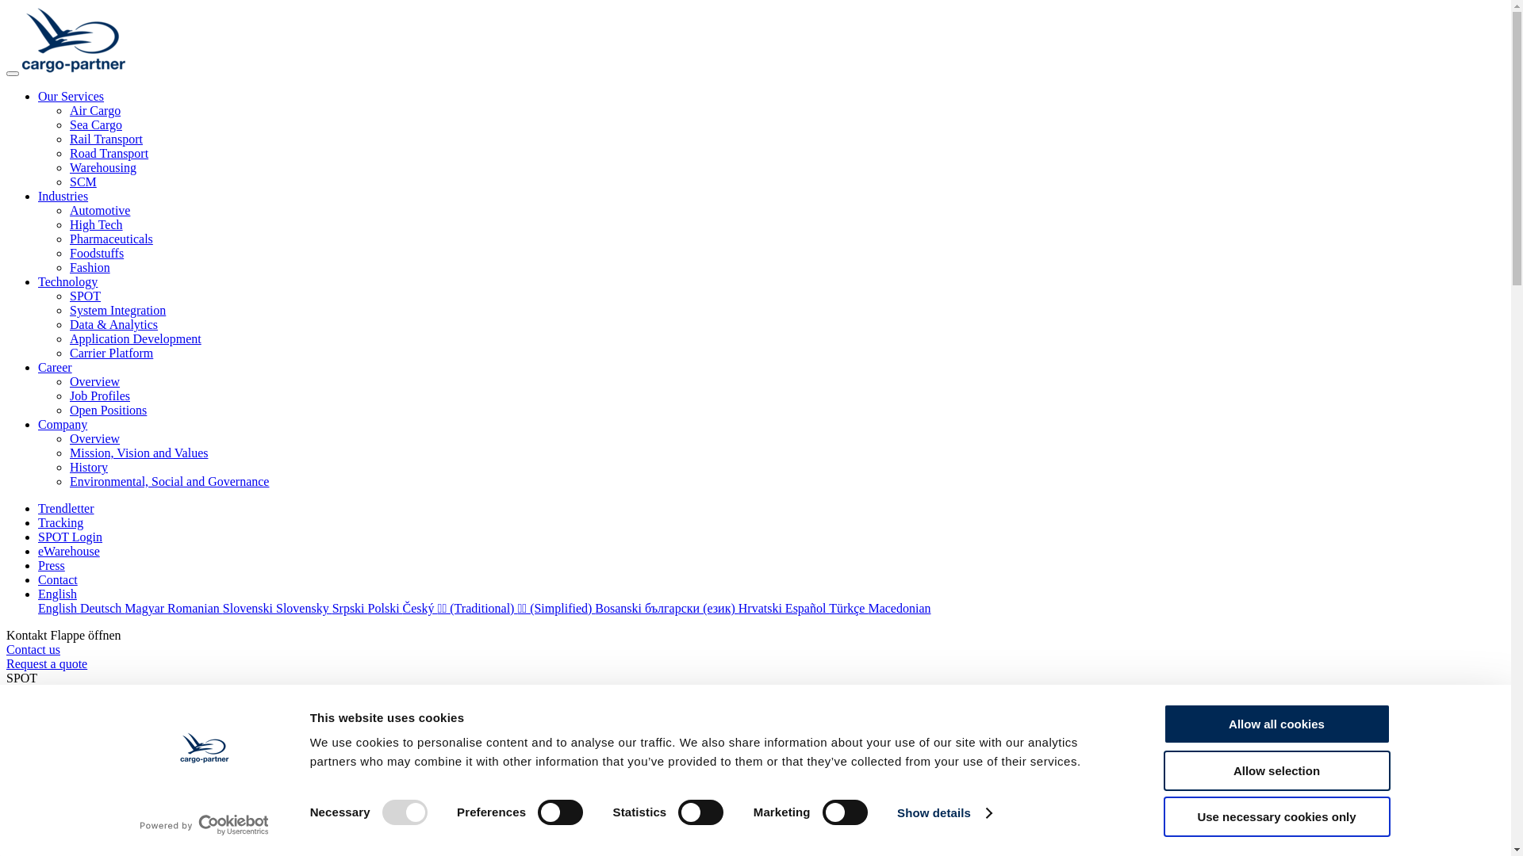  Describe the element at coordinates (68, 409) in the screenshot. I see `'Open Positions'` at that location.